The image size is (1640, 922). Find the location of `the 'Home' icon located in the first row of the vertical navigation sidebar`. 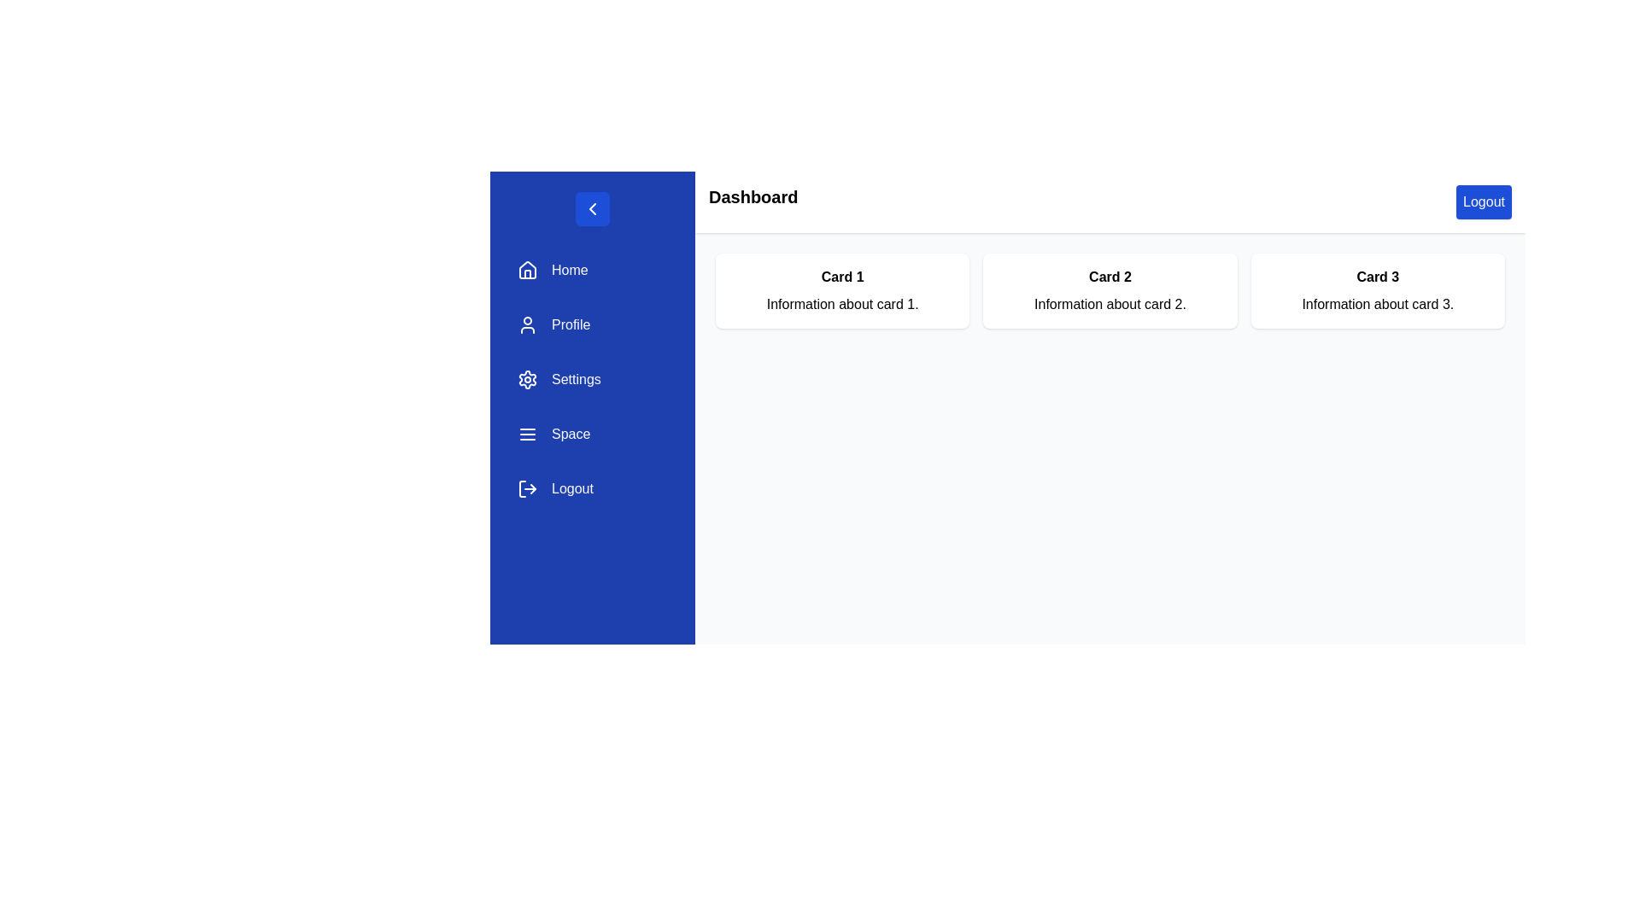

the 'Home' icon located in the first row of the vertical navigation sidebar is located at coordinates (527, 269).